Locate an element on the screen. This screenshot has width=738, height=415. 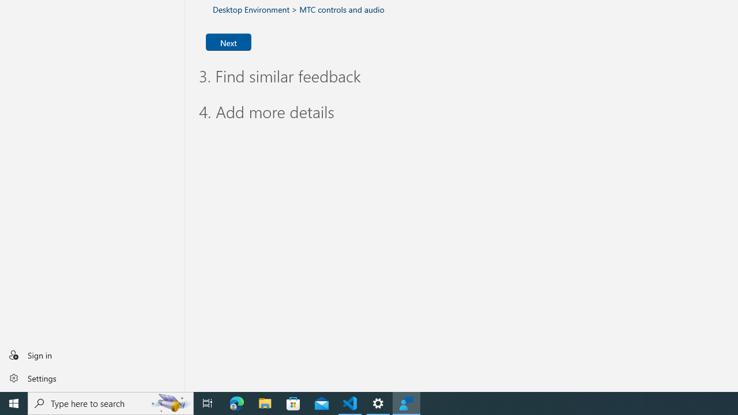
'Next' is located at coordinates (228, 41).